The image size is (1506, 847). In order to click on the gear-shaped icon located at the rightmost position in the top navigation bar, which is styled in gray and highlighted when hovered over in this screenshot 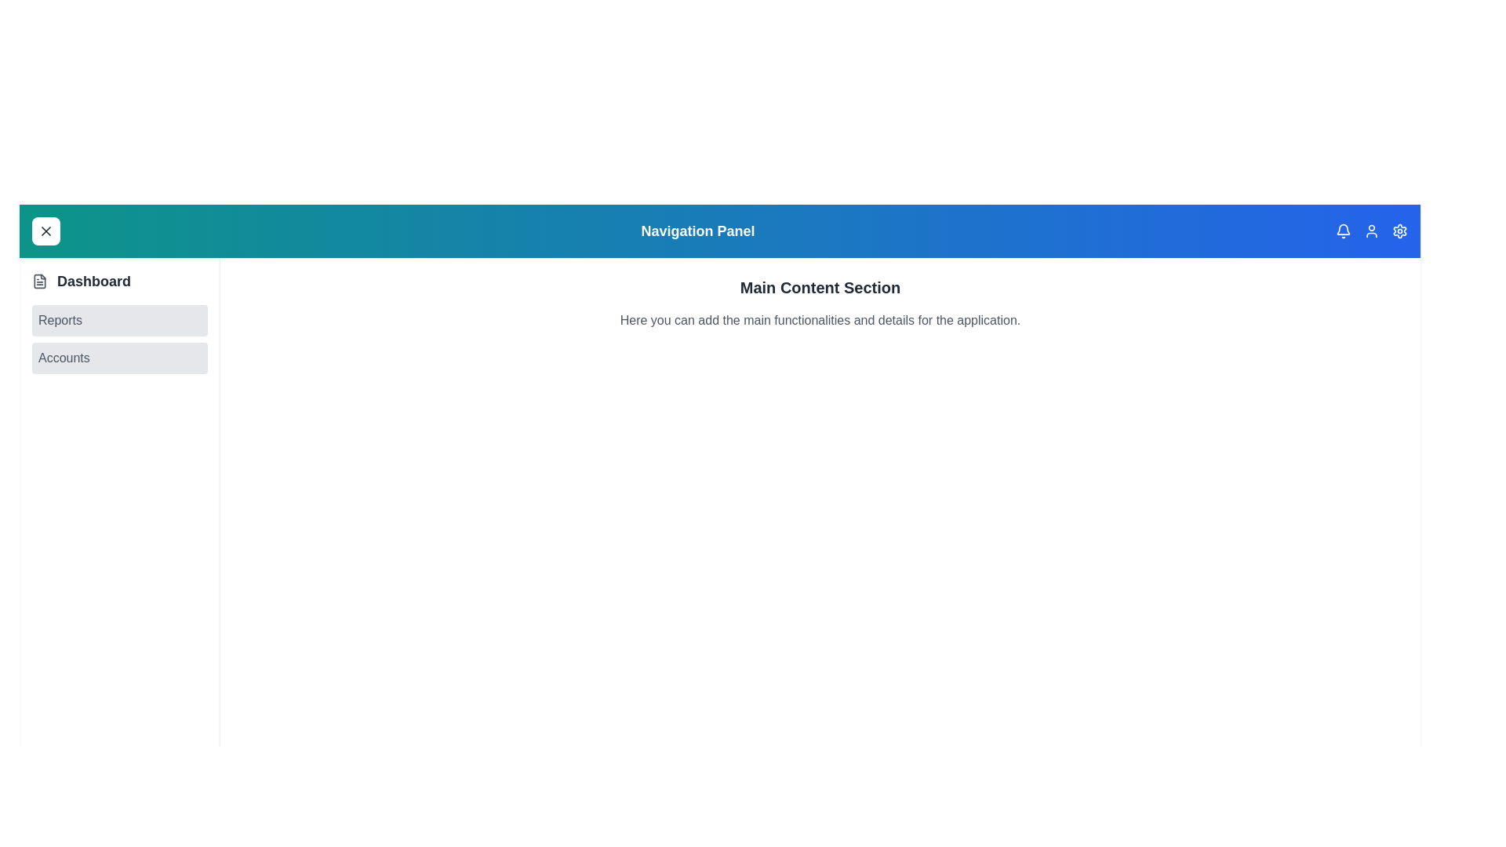, I will do `click(1400, 231)`.